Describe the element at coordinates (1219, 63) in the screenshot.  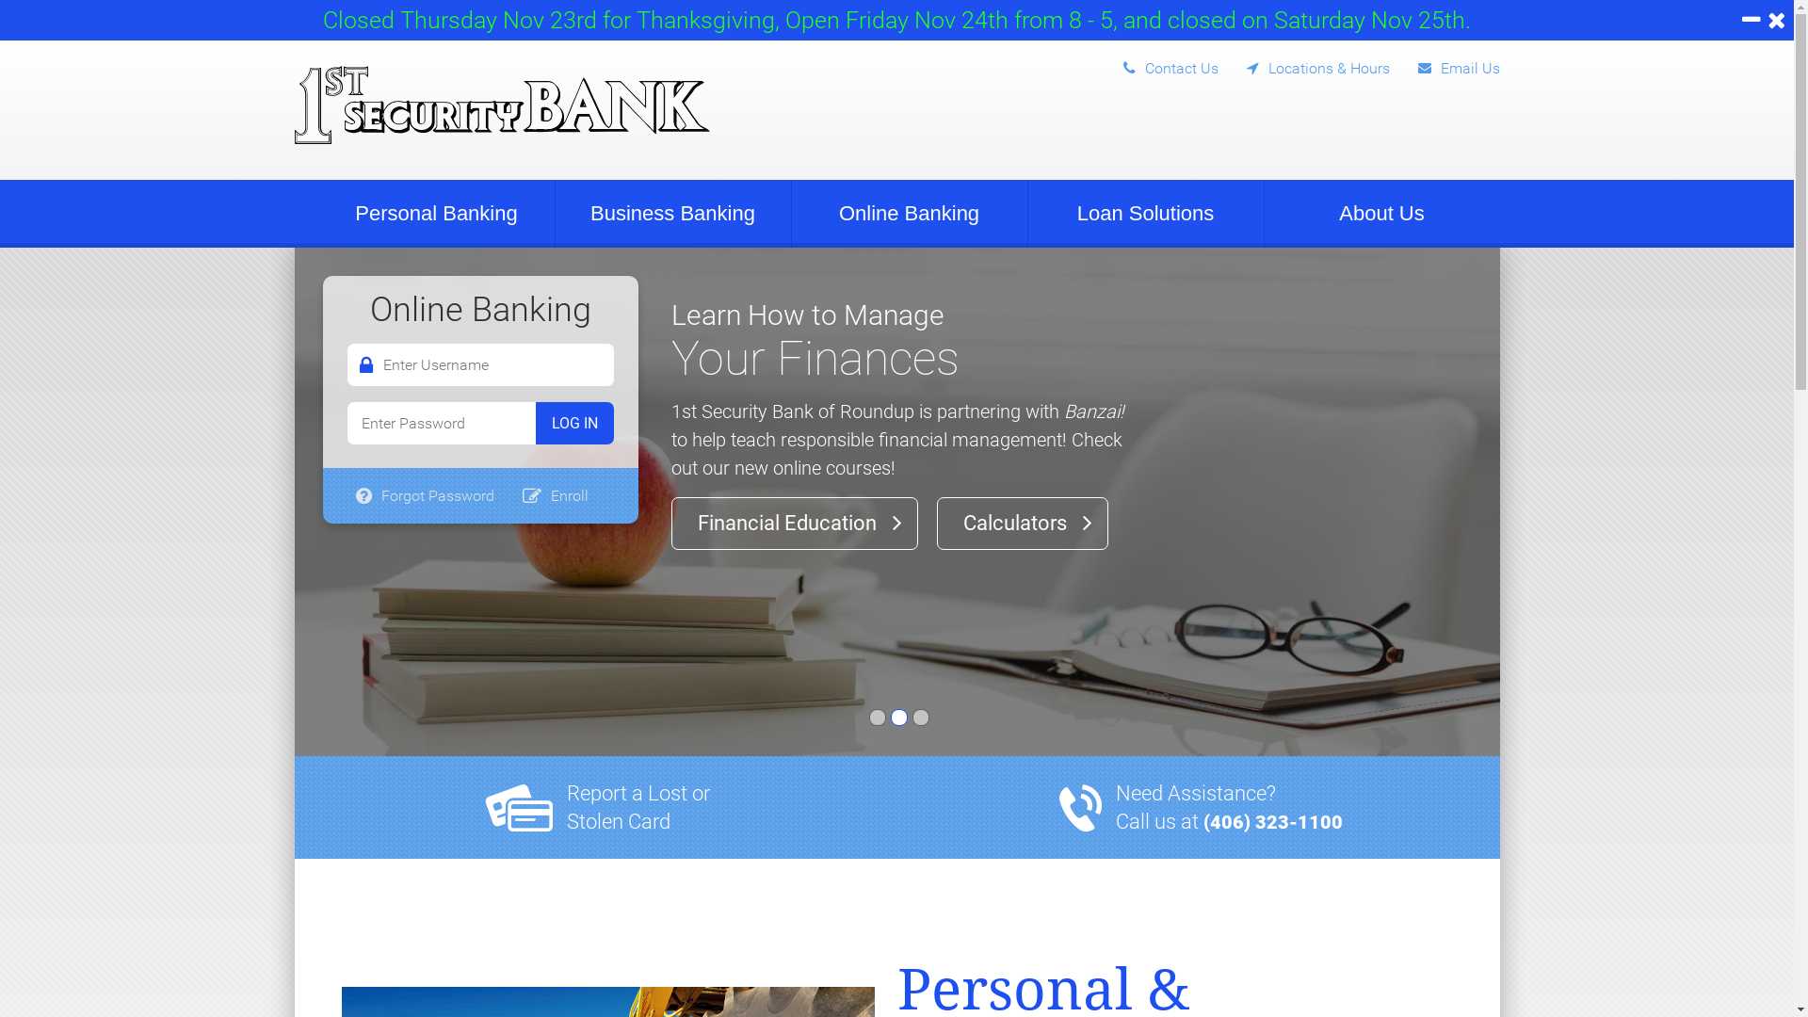
I see `'Locations & Hours'` at that location.